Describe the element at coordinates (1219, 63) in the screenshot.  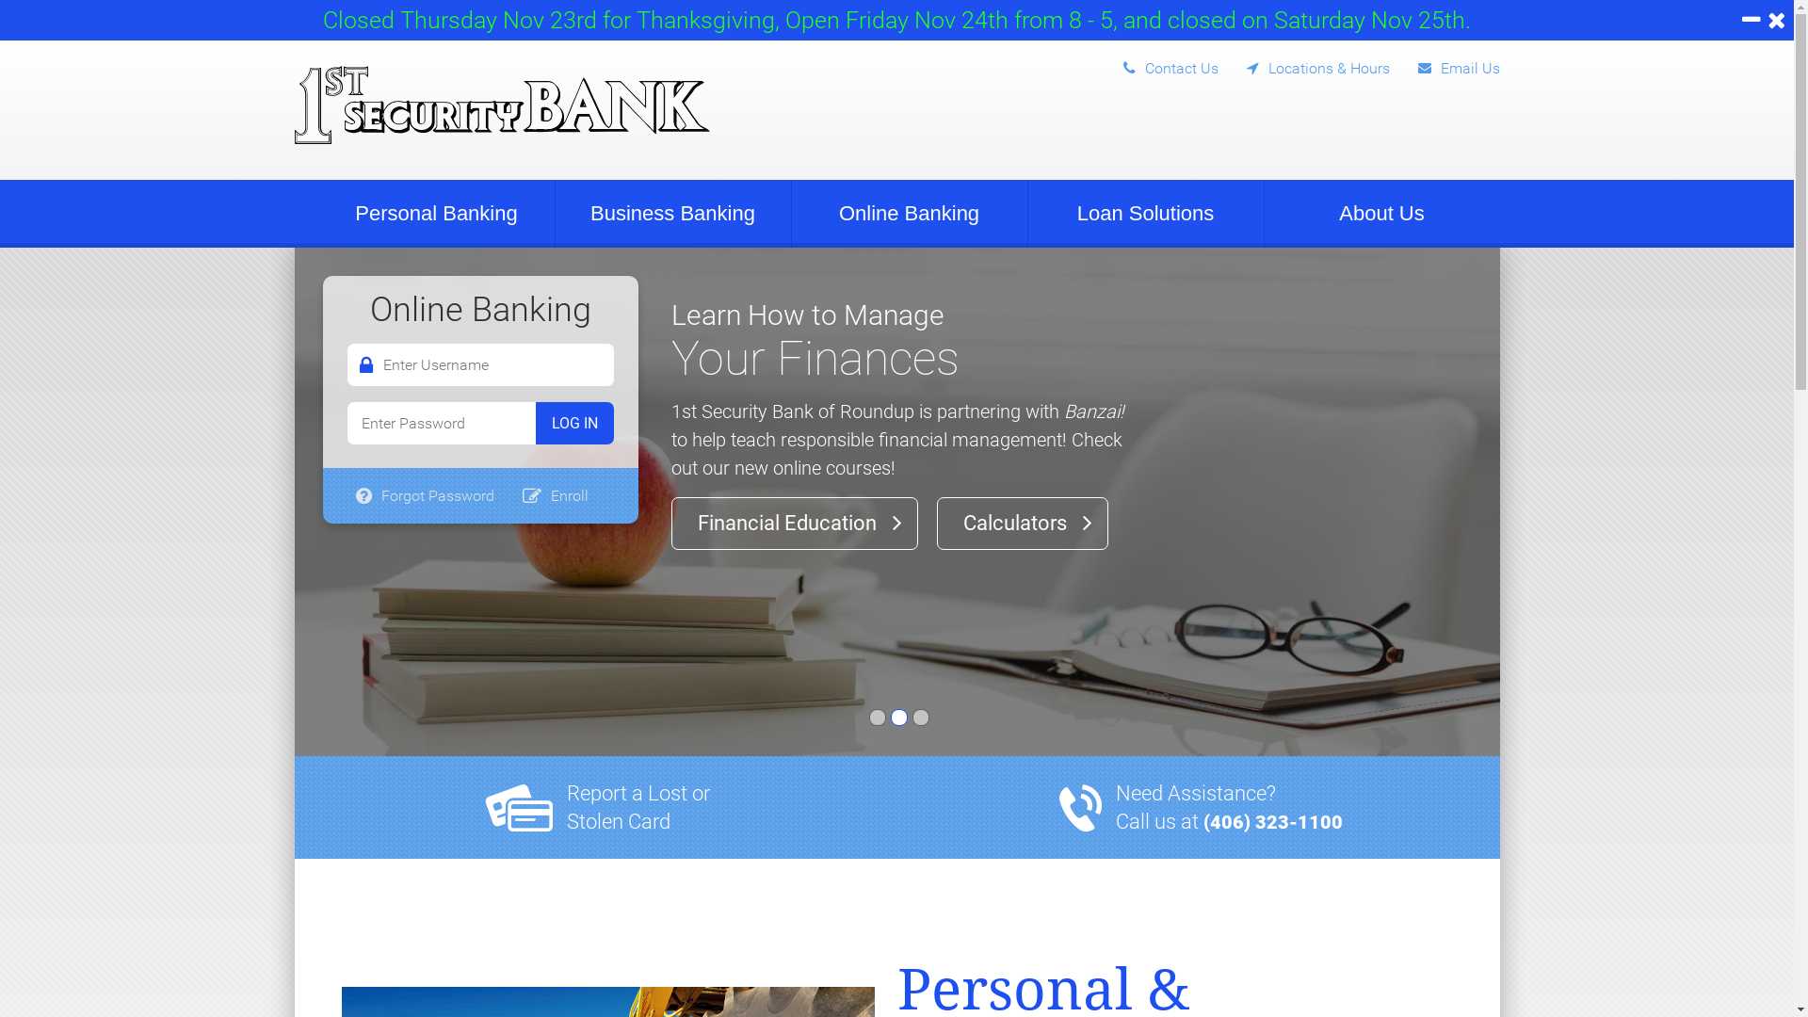
I see `'Locations & Hours'` at that location.